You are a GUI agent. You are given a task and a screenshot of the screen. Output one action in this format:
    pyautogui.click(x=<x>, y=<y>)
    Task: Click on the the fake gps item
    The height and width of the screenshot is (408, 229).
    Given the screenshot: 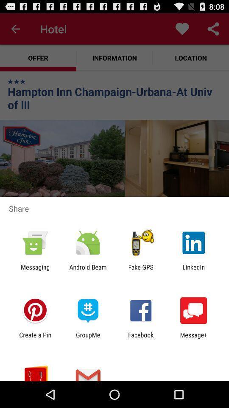 What is the action you would take?
    pyautogui.click(x=141, y=270)
    